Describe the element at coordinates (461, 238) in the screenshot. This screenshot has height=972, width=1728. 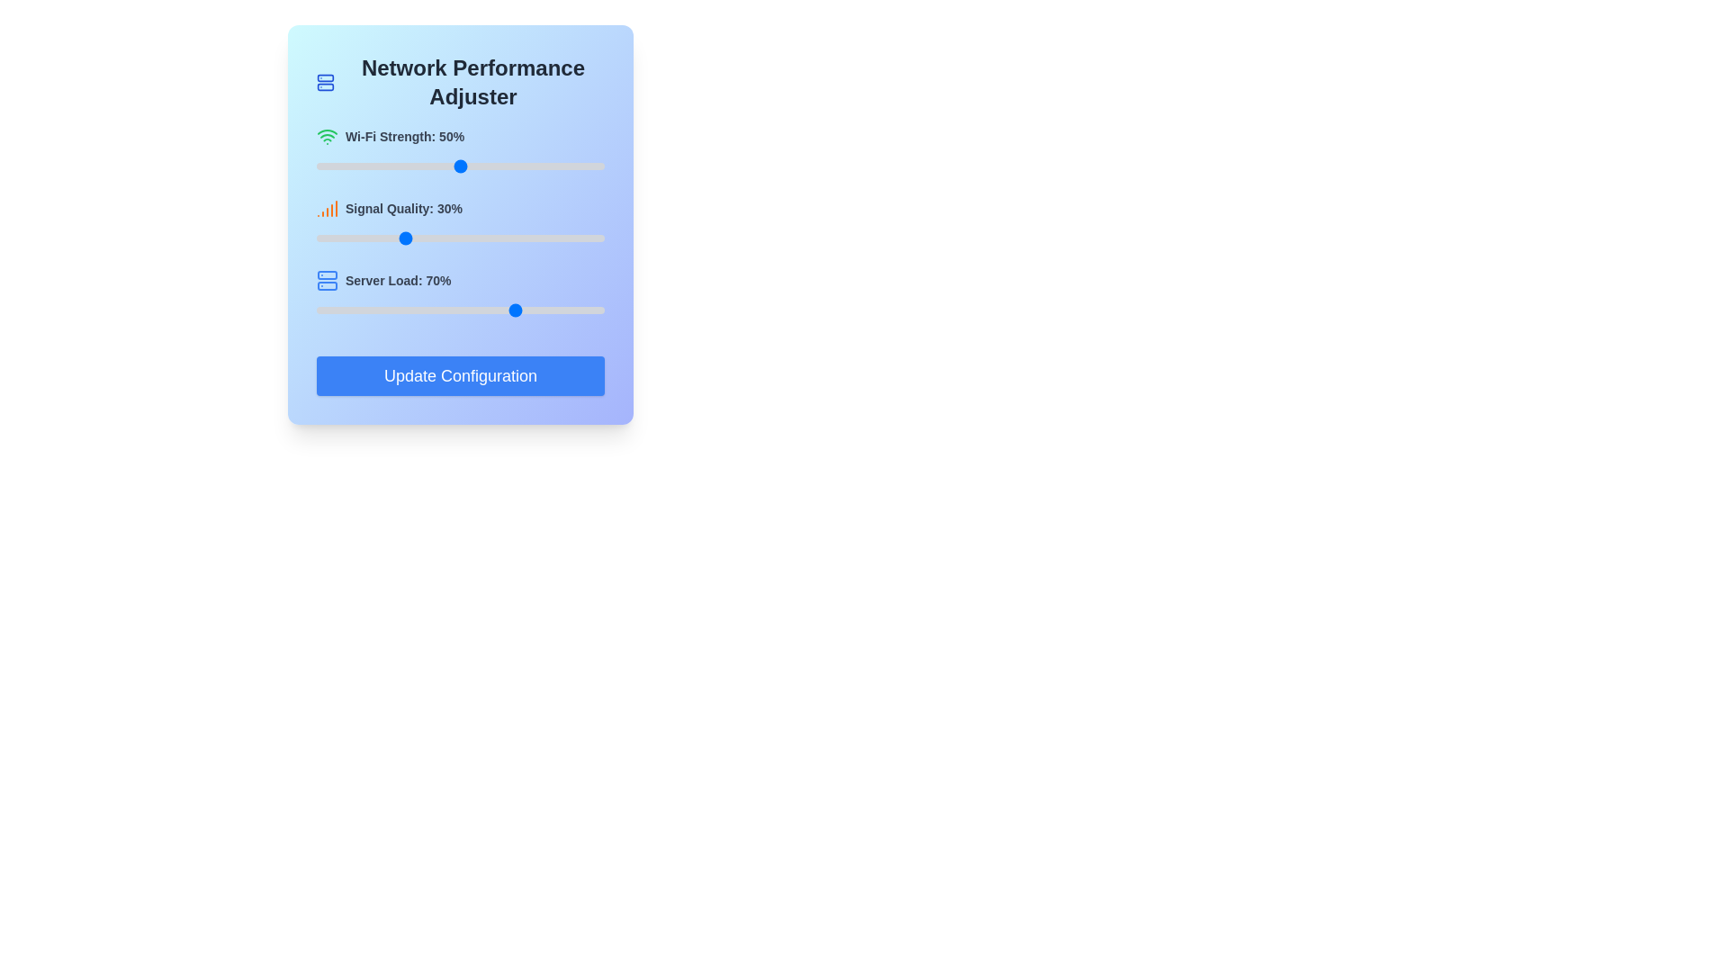
I see `the bar of the slider located below the label 'Signal Quality: 30%' to move the blue circular knob` at that location.